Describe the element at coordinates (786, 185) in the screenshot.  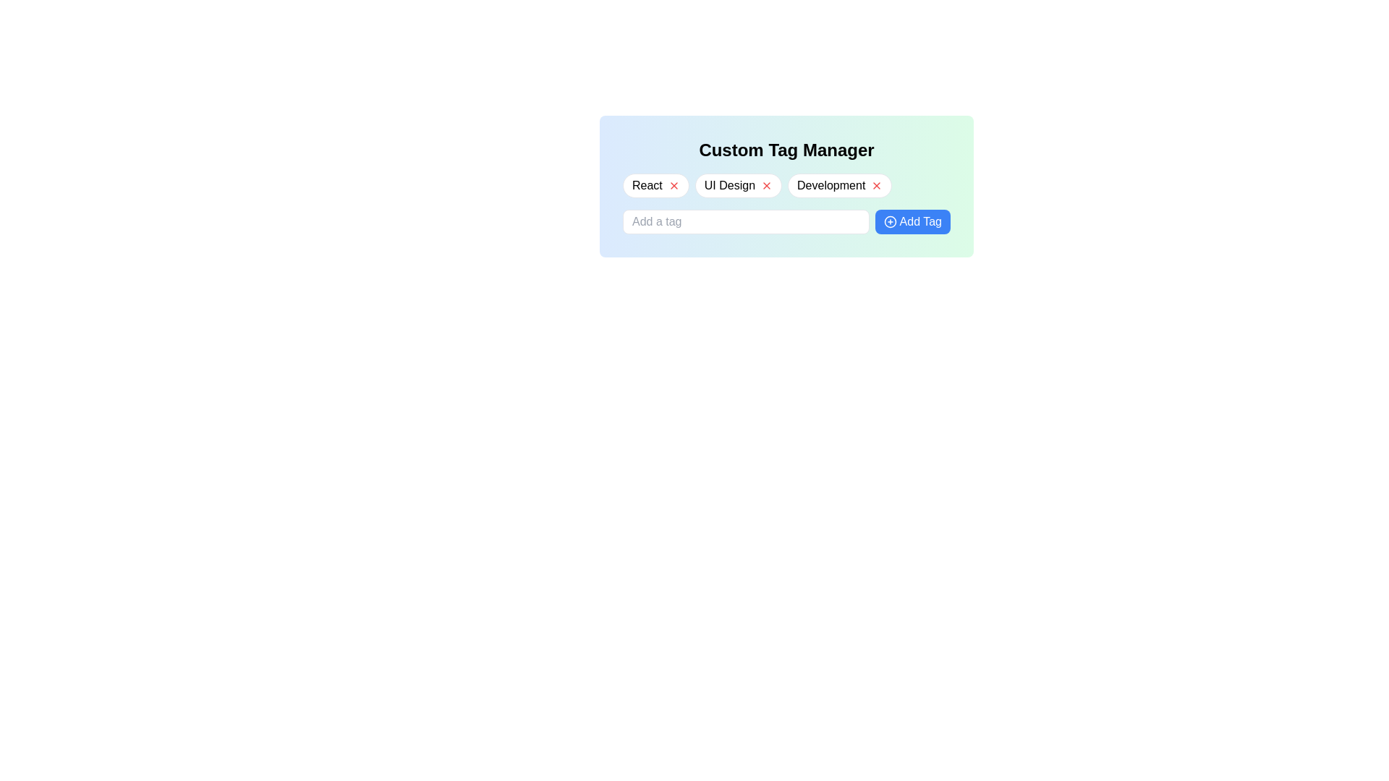
I see `the Tag list display, which is a horizontal row of tags below the 'Custom Tag Manager' heading and above the 'Add a tag' input field` at that location.